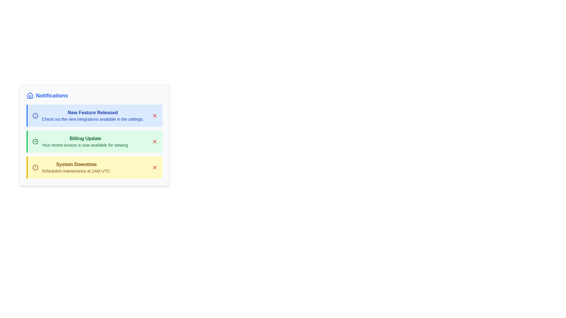 This screenshot has width=566, height=318. What do you see at coordinates (154, 116) in the screenshot?
I see `close button for the notification titled 'New Feature Released'` at bounding box center [154, 116].